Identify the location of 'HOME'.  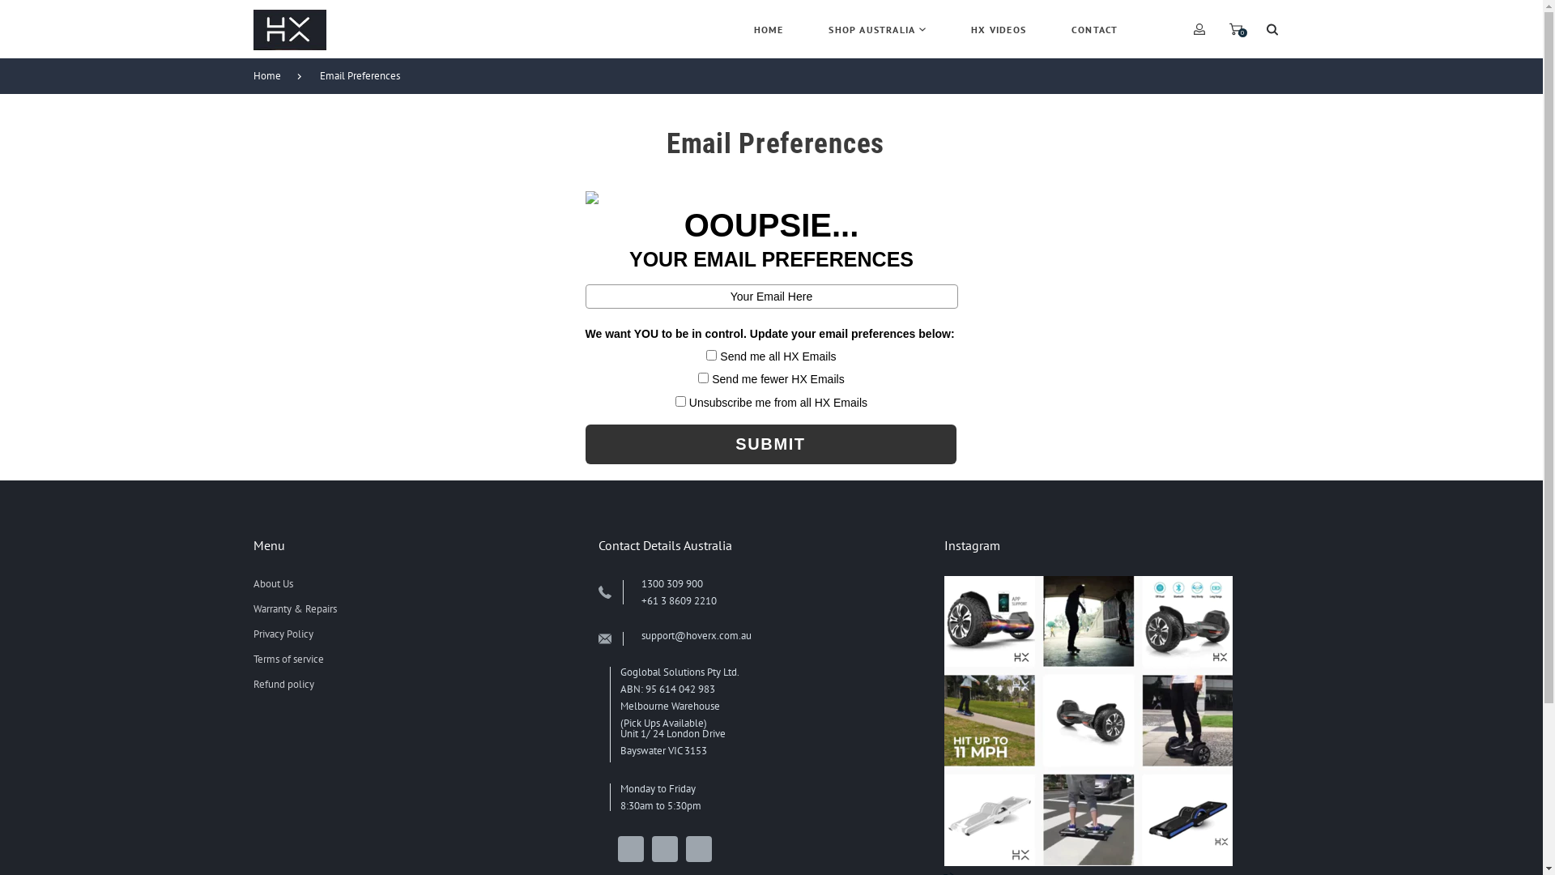
(768, 29).